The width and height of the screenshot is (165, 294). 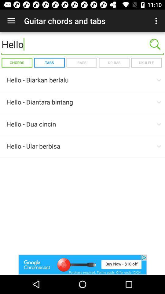 What do you see at coordinates (155, 44) in the screenshot?
I see `the search icon` at bounding box center [155, 44].